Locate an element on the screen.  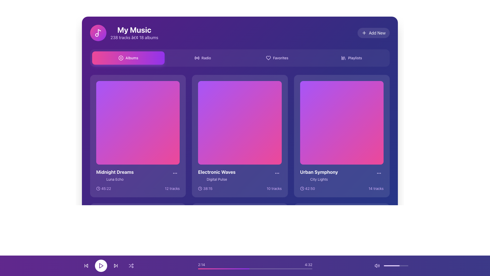
the text label 'Urban Symphony' which is displayed in a bold and large white font on a purple background, located in the third card from the left, above the text 'City Lights' is located at coordinates (318, 172).